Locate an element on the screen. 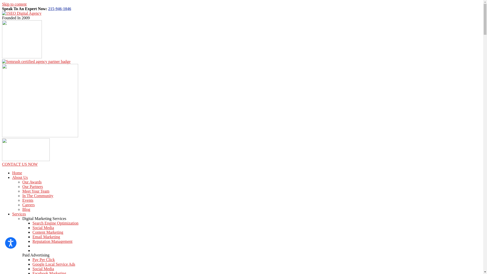  'Events' is located at coordinates (22, 200).